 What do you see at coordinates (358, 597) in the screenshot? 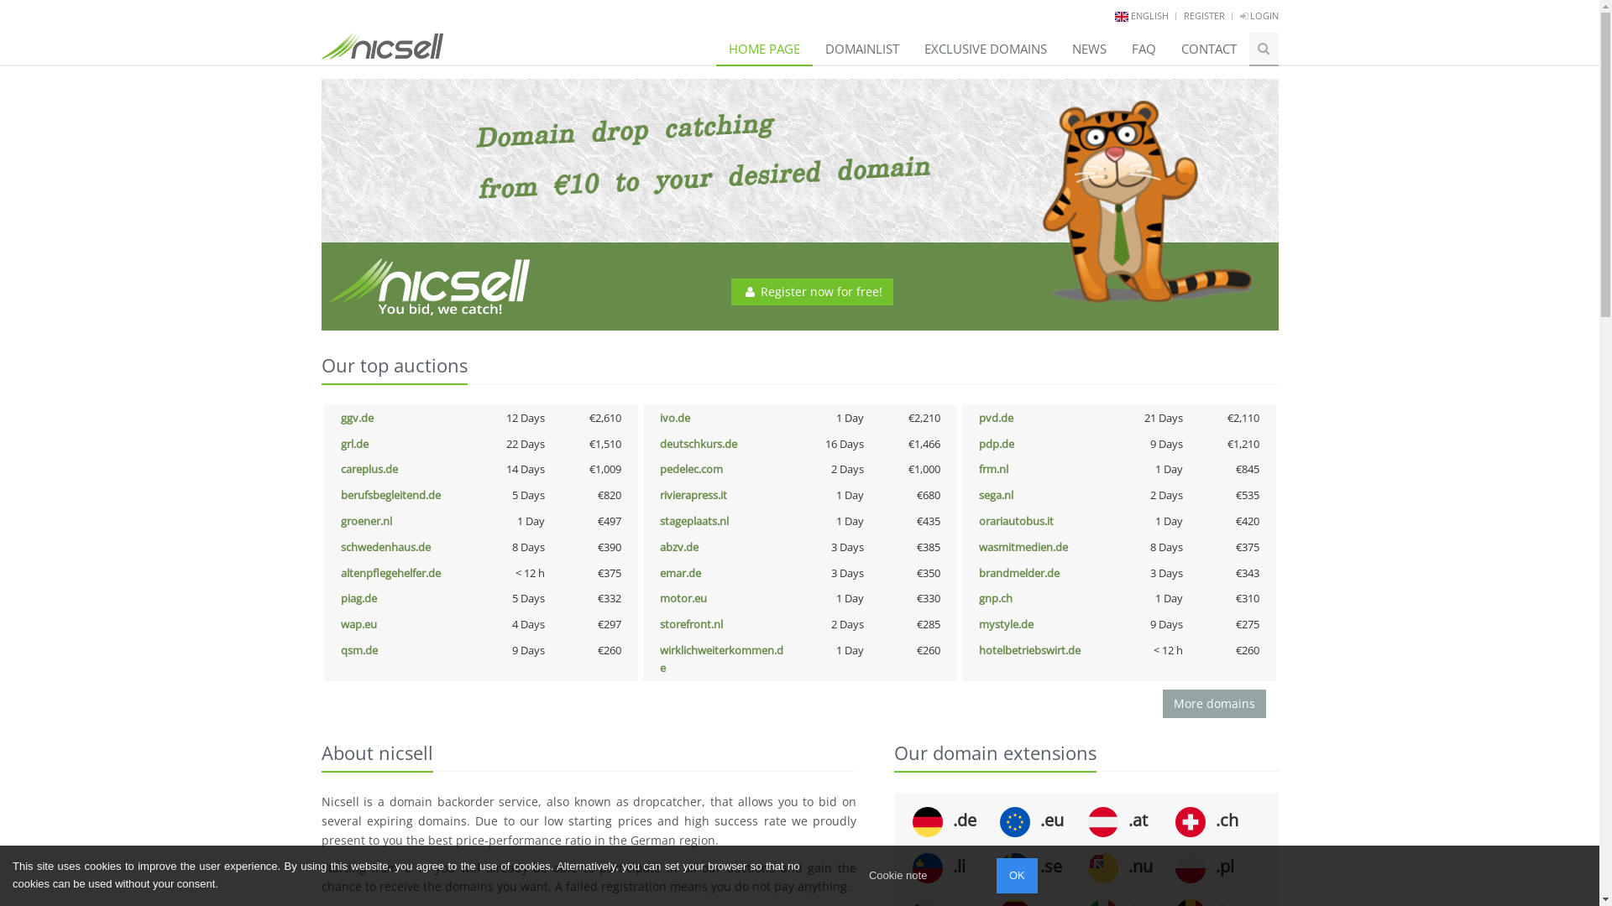
I see `'piag.de'` at bounding box center [358, 597].